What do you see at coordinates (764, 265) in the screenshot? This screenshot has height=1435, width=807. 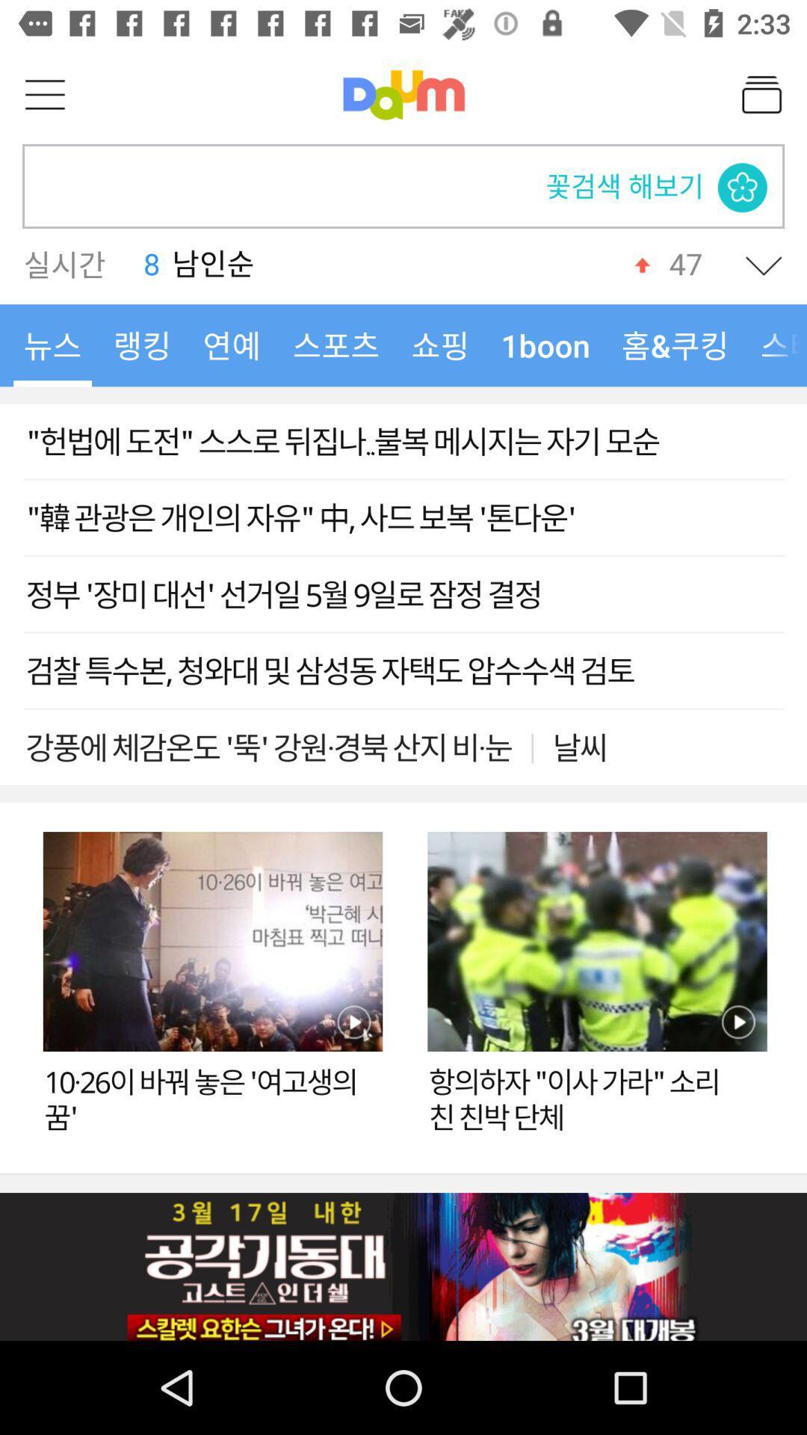 I see `the button which is right to the number 47` at bounding box center [764, 265].